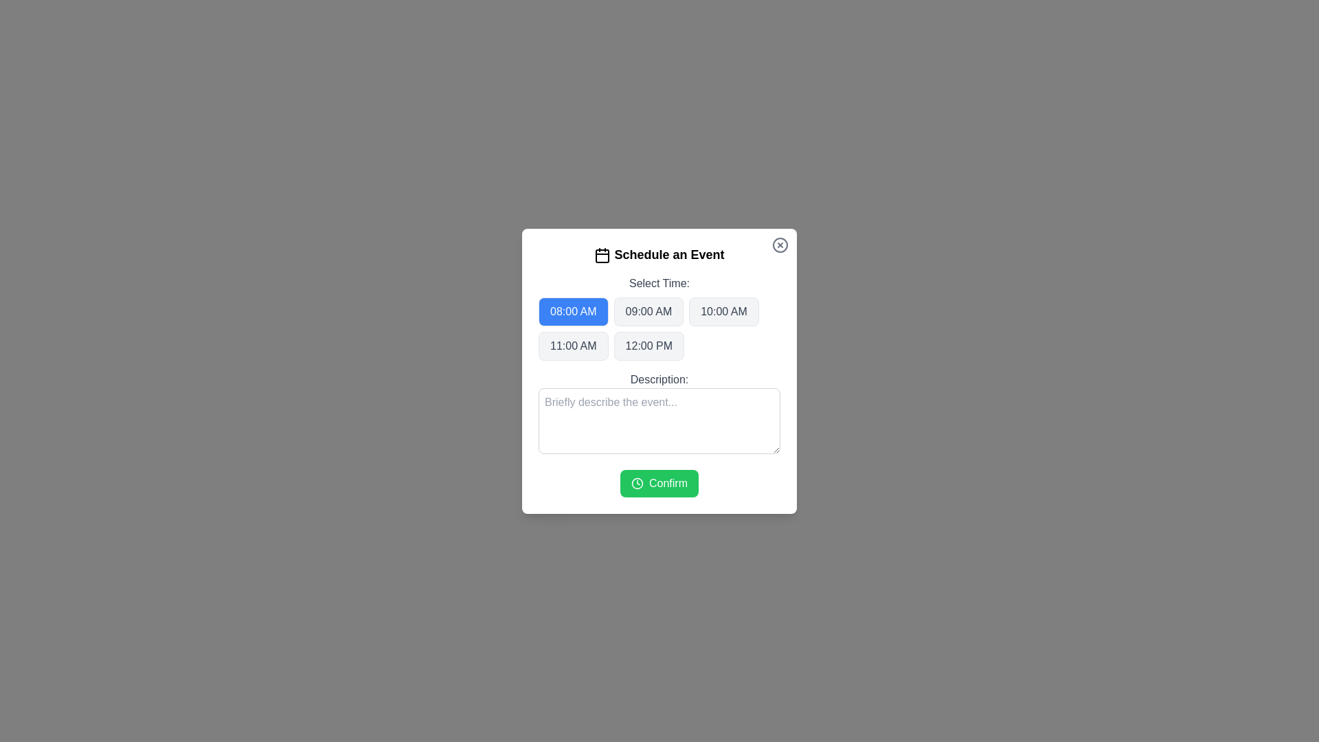  What do you see at coordinates (723, 311) in the screenshot?
I see `the button labeled '10:00 AM', which is the third button in a horizontal set of time selection buttons` at bounding box center [723, 311].